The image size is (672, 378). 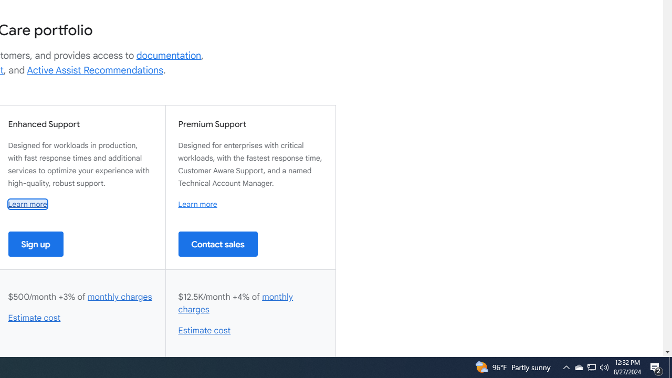 What do you see at coordinates (204, 331) in the screenshot?
I see `'Estimate cost'` at bounding box center [204, 331].